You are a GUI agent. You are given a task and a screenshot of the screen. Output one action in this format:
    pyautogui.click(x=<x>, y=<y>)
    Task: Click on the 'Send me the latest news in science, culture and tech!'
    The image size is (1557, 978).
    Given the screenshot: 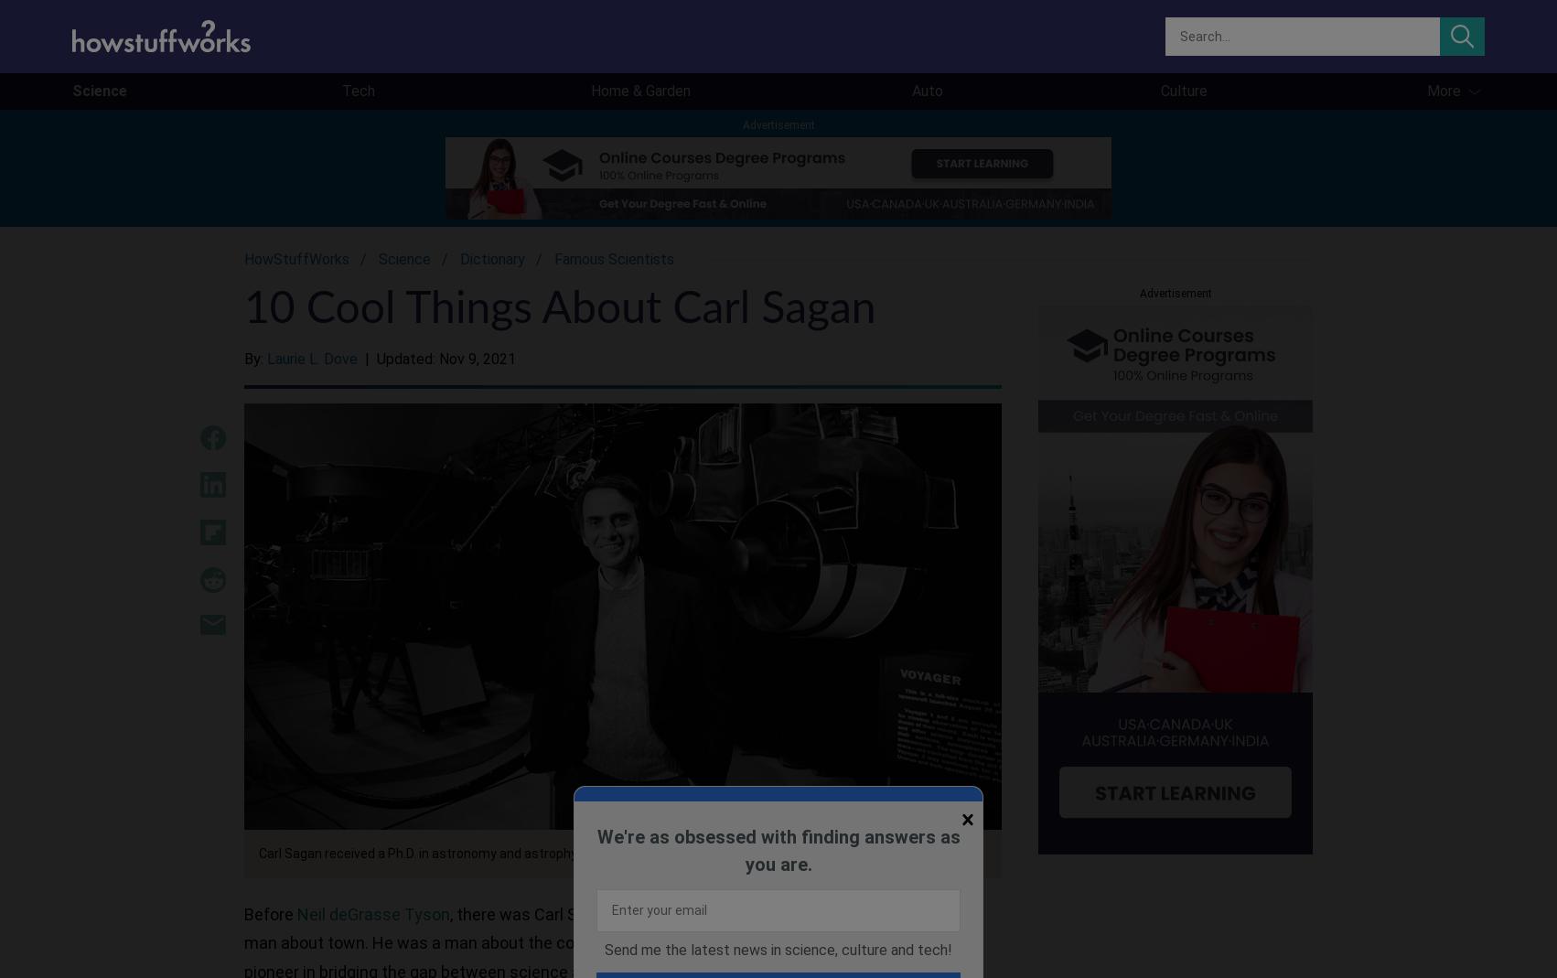 What is the action you would take?
    pyautogui.click(x=778, y=950)
    